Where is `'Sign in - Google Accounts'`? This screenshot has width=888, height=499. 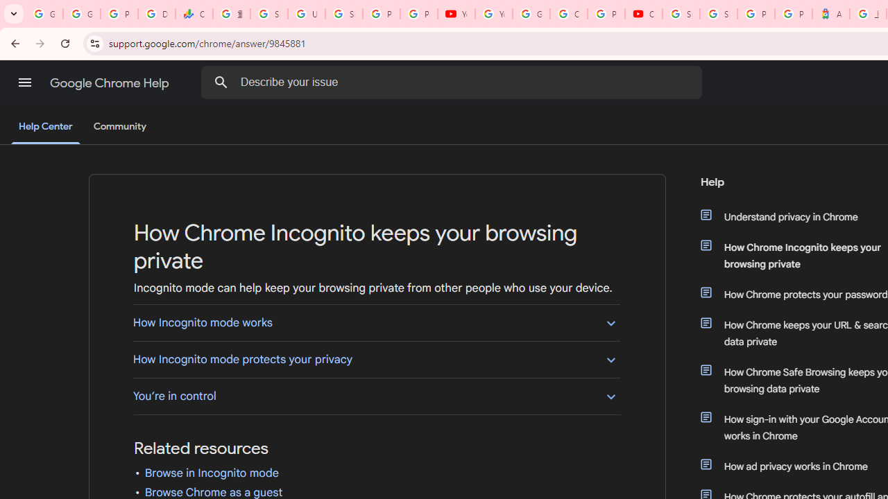 'Sign in - Google Accounts' is located at coordinates (719, 14).